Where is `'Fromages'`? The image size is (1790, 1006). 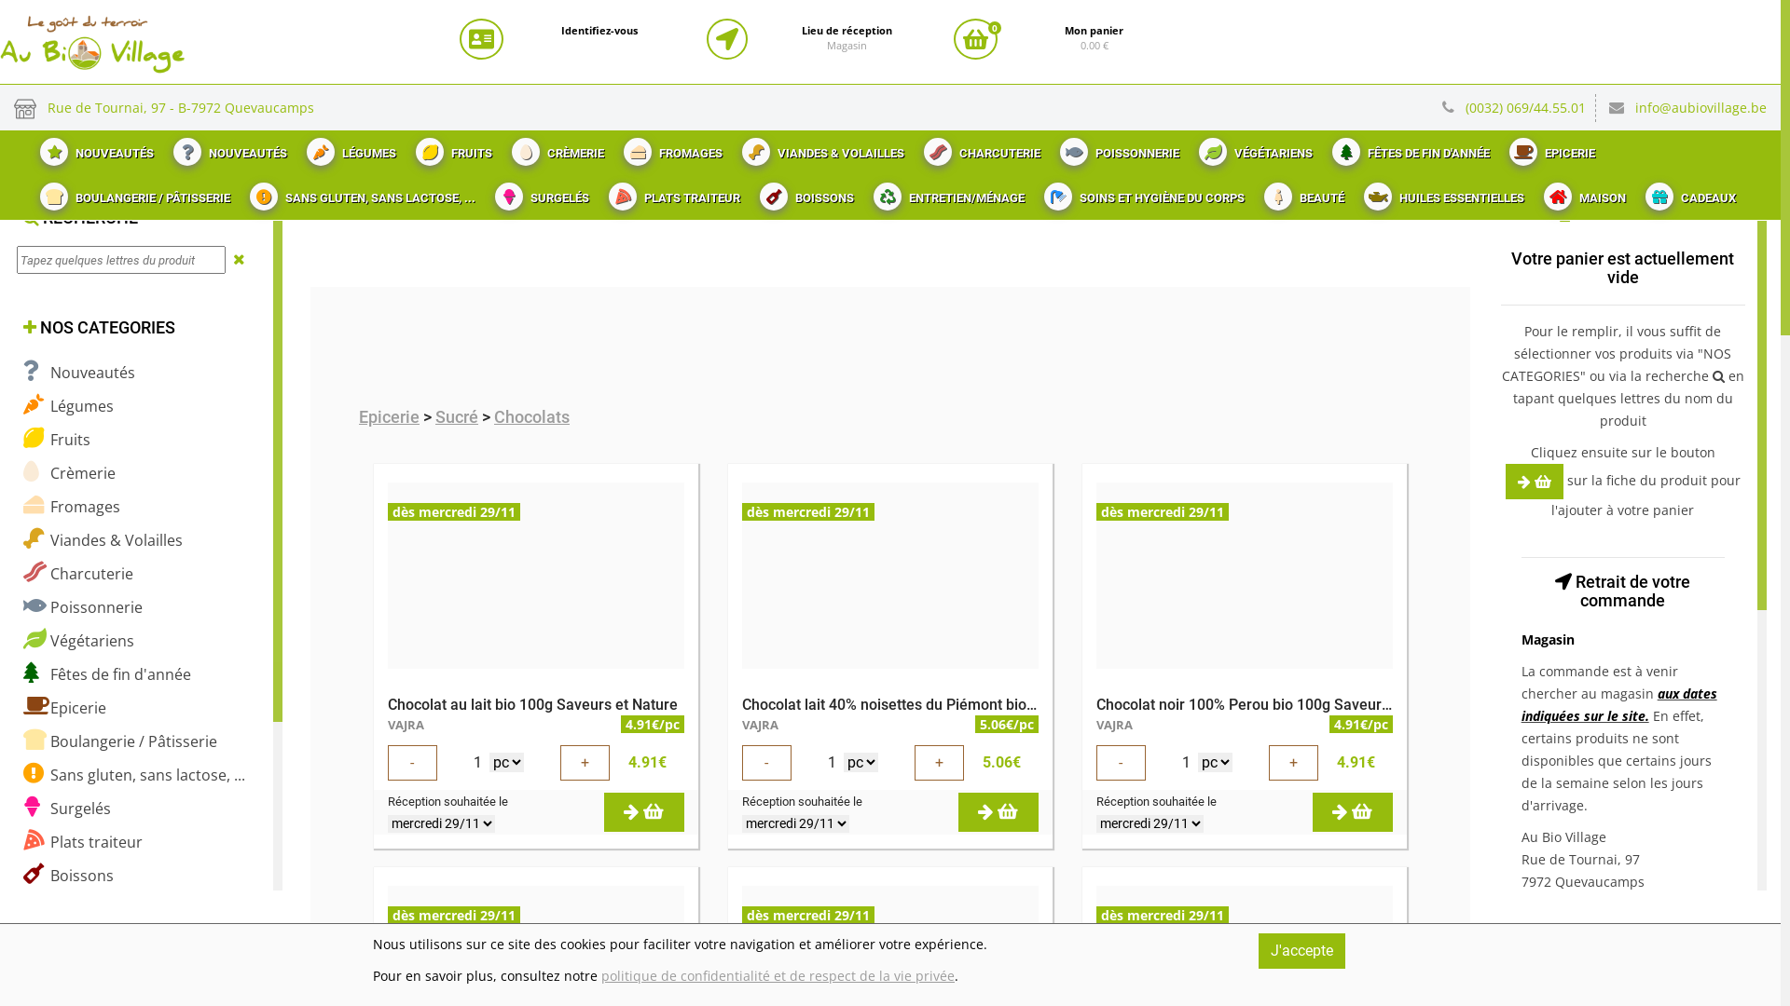 'Fromages' is located at coordinates (71, 506).